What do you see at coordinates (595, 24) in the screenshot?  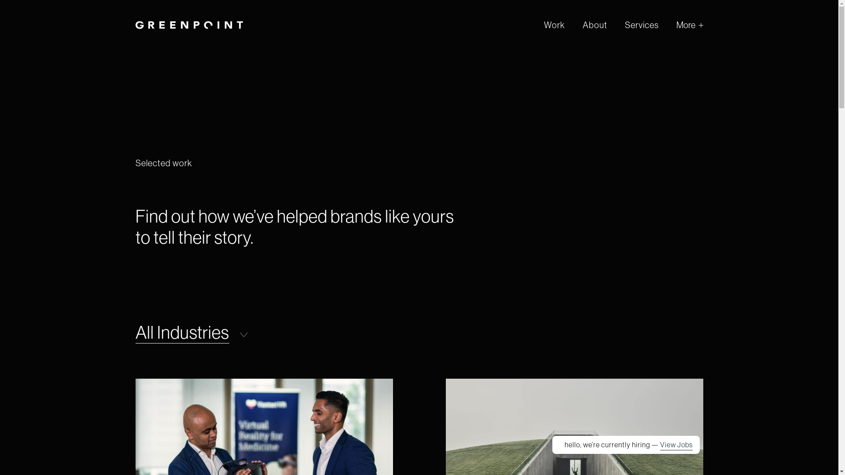 I see `'About'` at bounding box center [595, 24].